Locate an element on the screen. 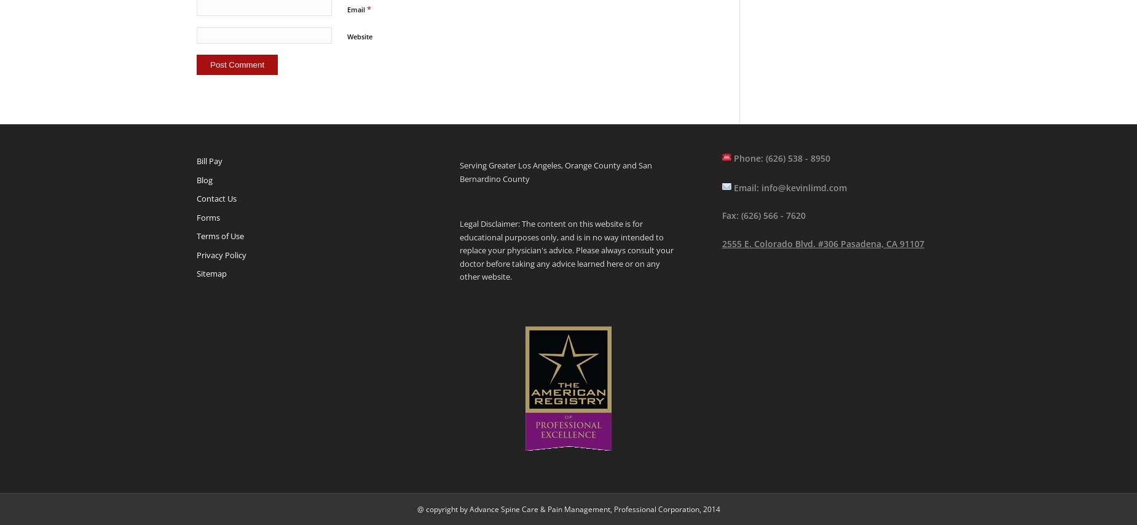 The width and height of the screenshot is (1137, 525). 'Privacy Policy' is located at coordinates (196, 255).